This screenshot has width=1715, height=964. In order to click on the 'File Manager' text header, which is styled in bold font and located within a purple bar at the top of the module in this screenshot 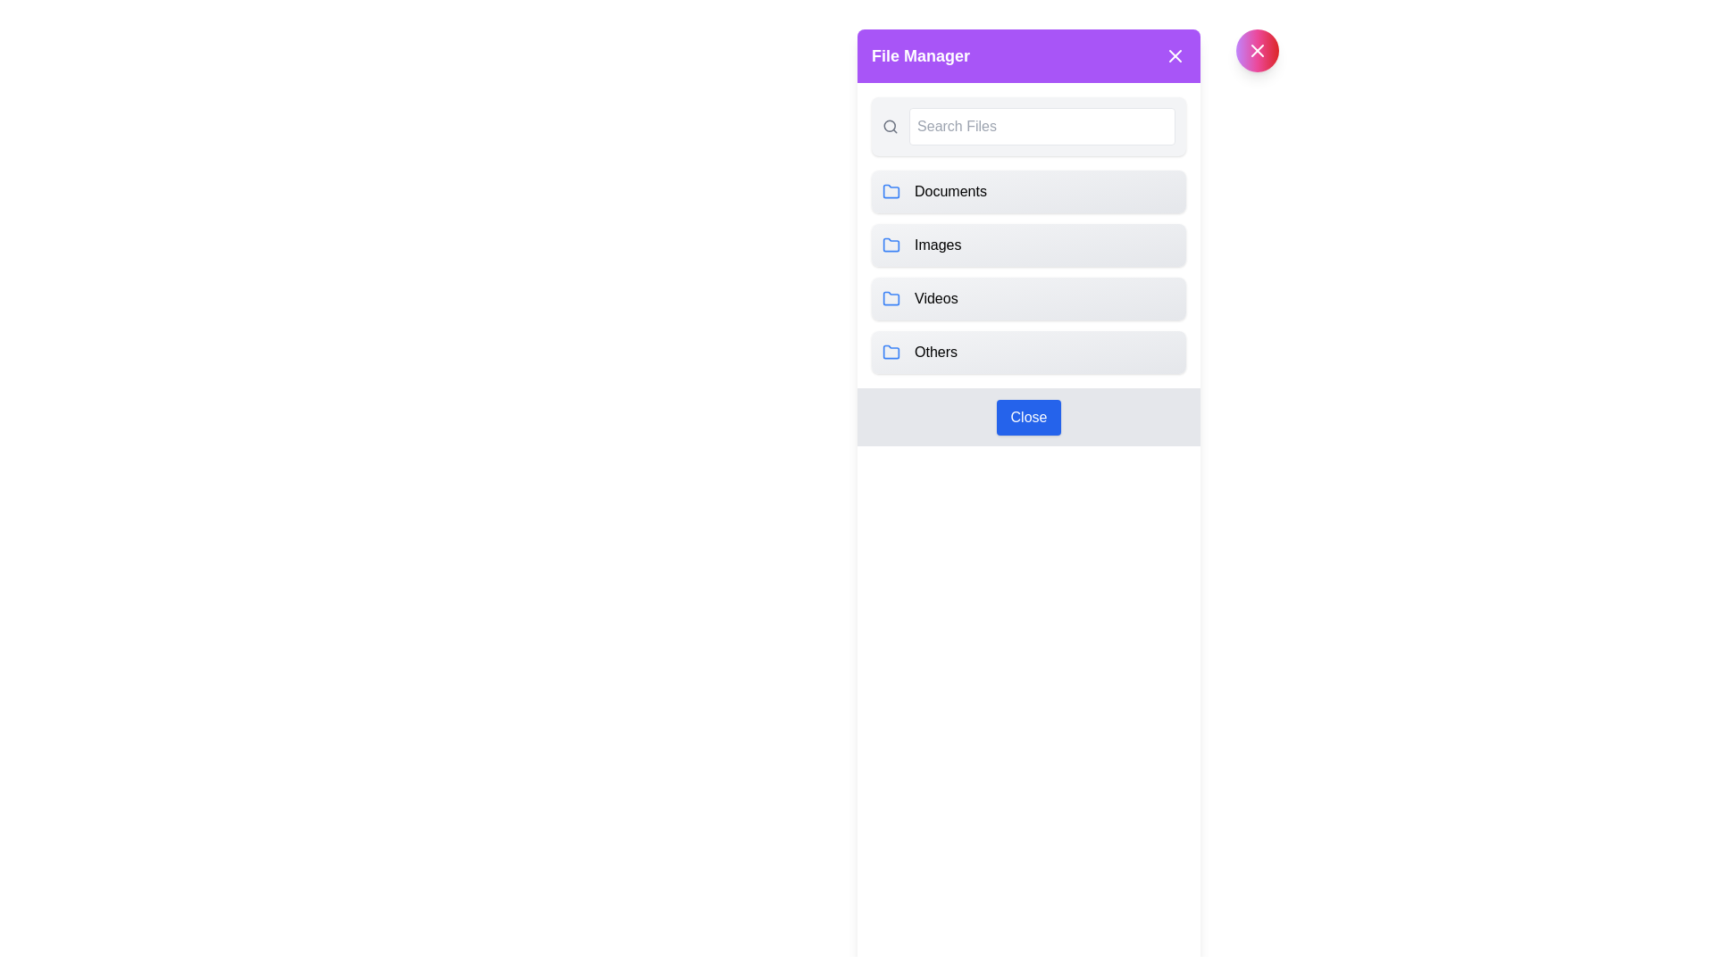, I will do `click(921, 54)`.